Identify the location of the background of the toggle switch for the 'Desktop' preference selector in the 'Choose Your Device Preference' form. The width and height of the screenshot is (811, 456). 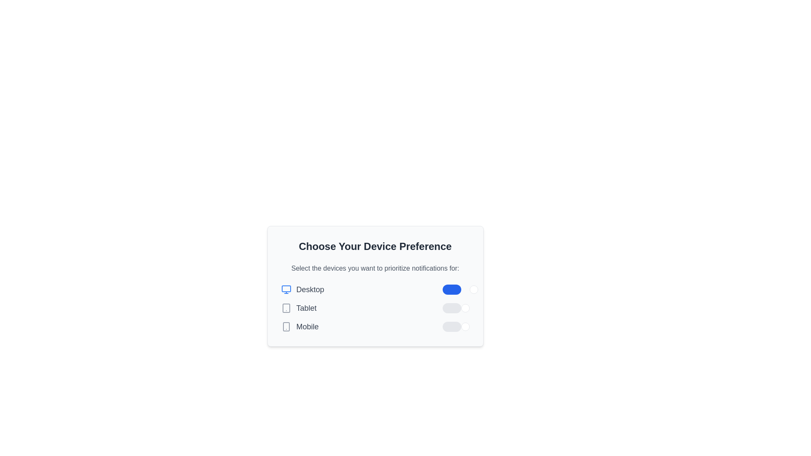
(451, 289).